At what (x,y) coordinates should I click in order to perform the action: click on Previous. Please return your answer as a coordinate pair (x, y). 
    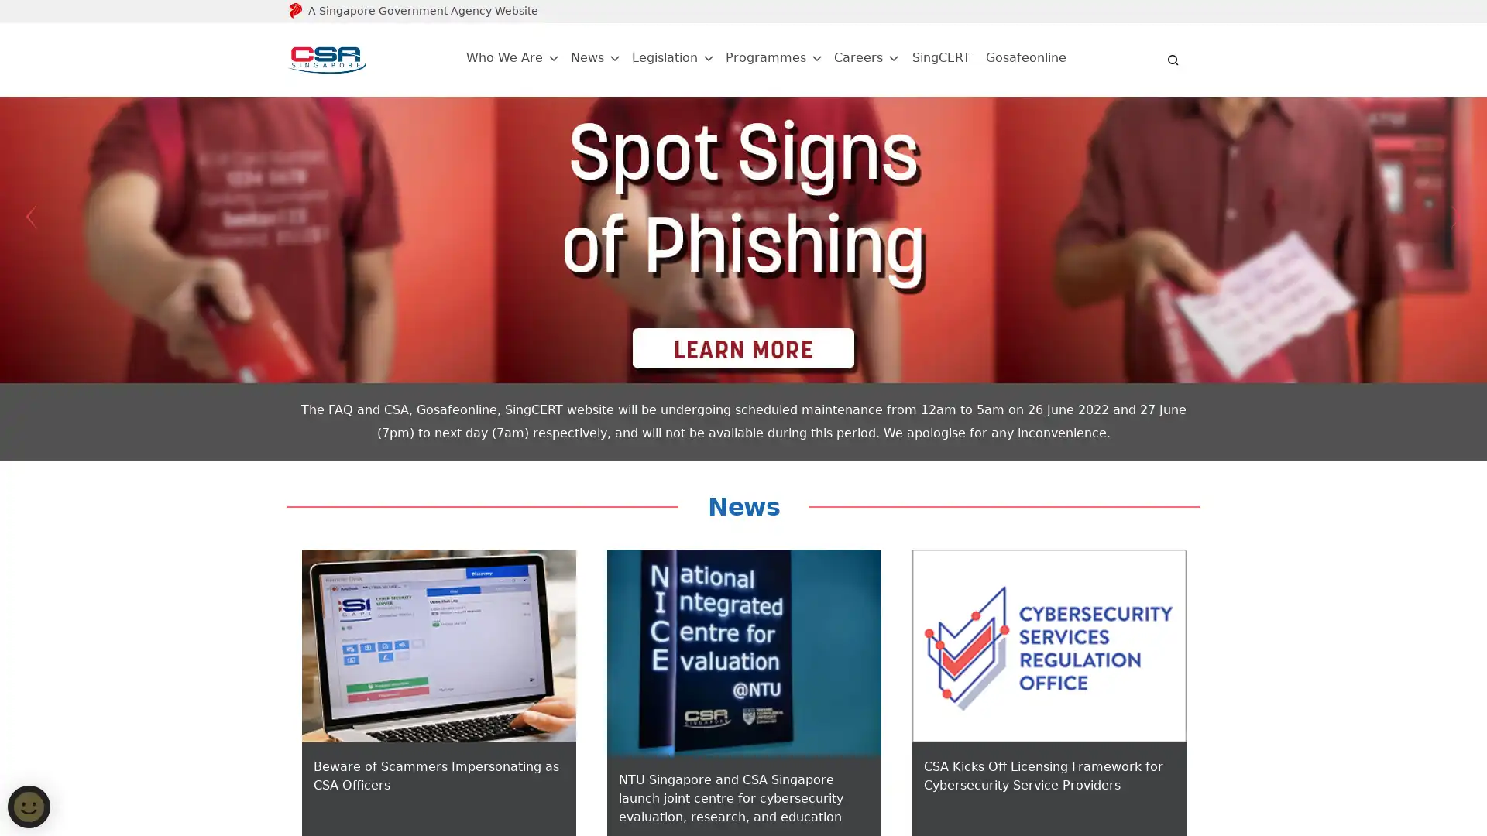
    Looking at the image, I should click on (30, 217).